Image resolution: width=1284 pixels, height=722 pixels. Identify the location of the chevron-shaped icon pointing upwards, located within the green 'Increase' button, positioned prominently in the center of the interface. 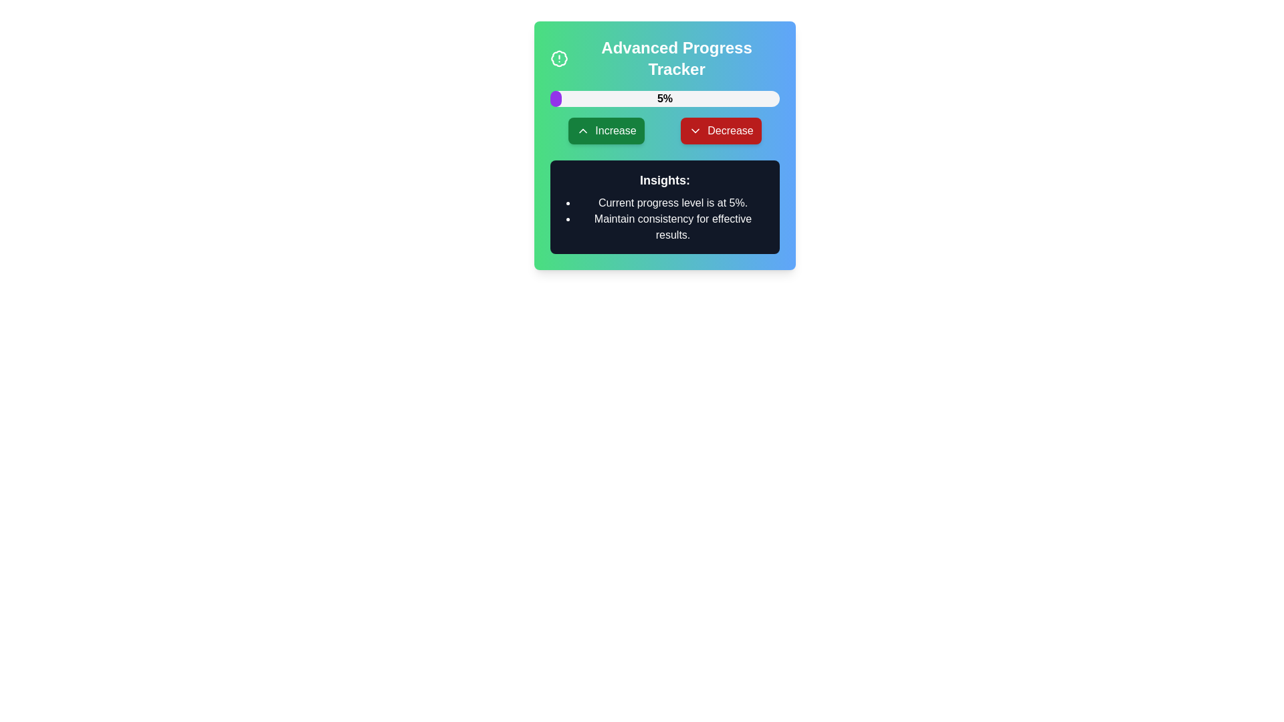
(583, 131).